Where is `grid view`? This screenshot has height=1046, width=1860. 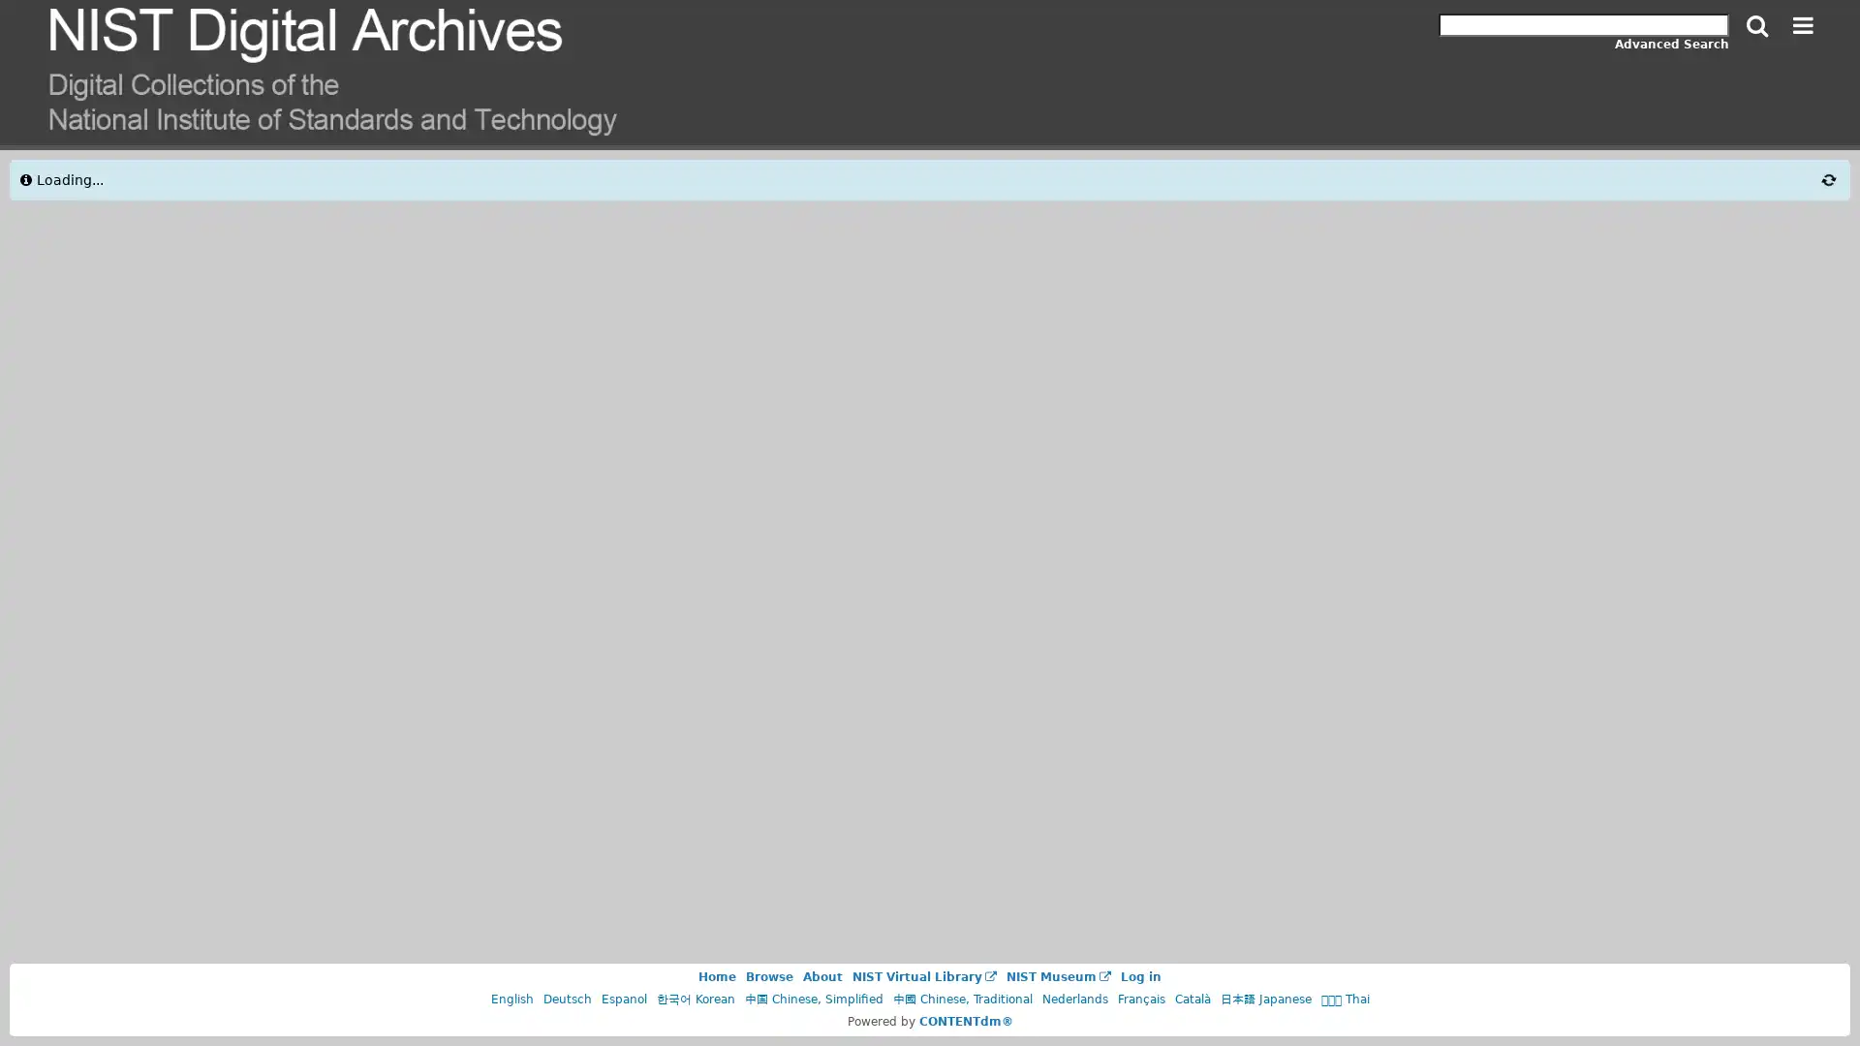
grid view is located at coordinates (1392, 186).